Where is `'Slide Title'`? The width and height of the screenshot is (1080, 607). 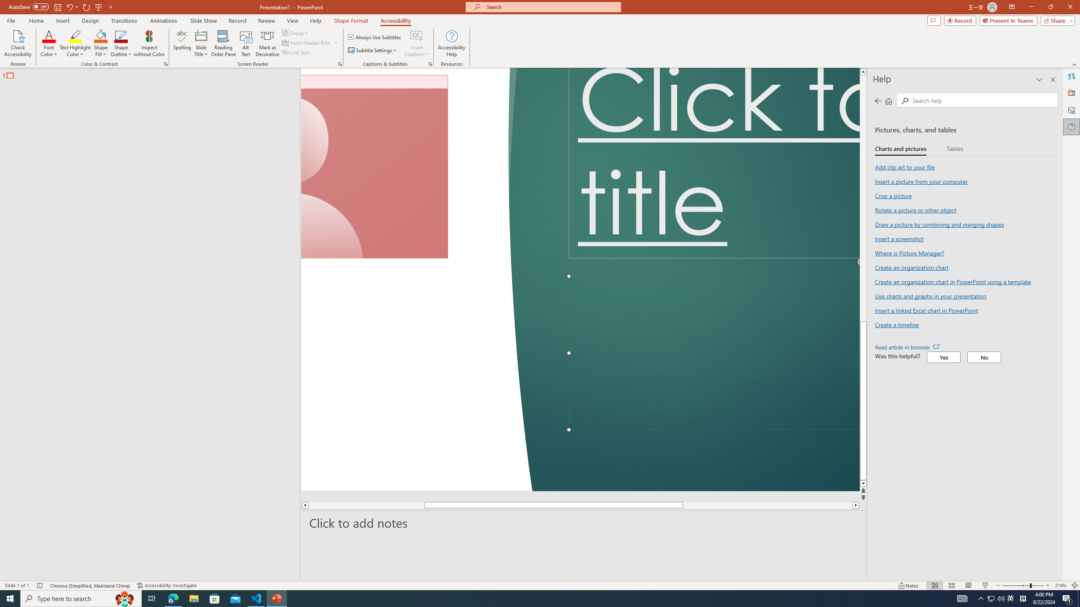
'Slide Title' is located at coordinates (201, 43).